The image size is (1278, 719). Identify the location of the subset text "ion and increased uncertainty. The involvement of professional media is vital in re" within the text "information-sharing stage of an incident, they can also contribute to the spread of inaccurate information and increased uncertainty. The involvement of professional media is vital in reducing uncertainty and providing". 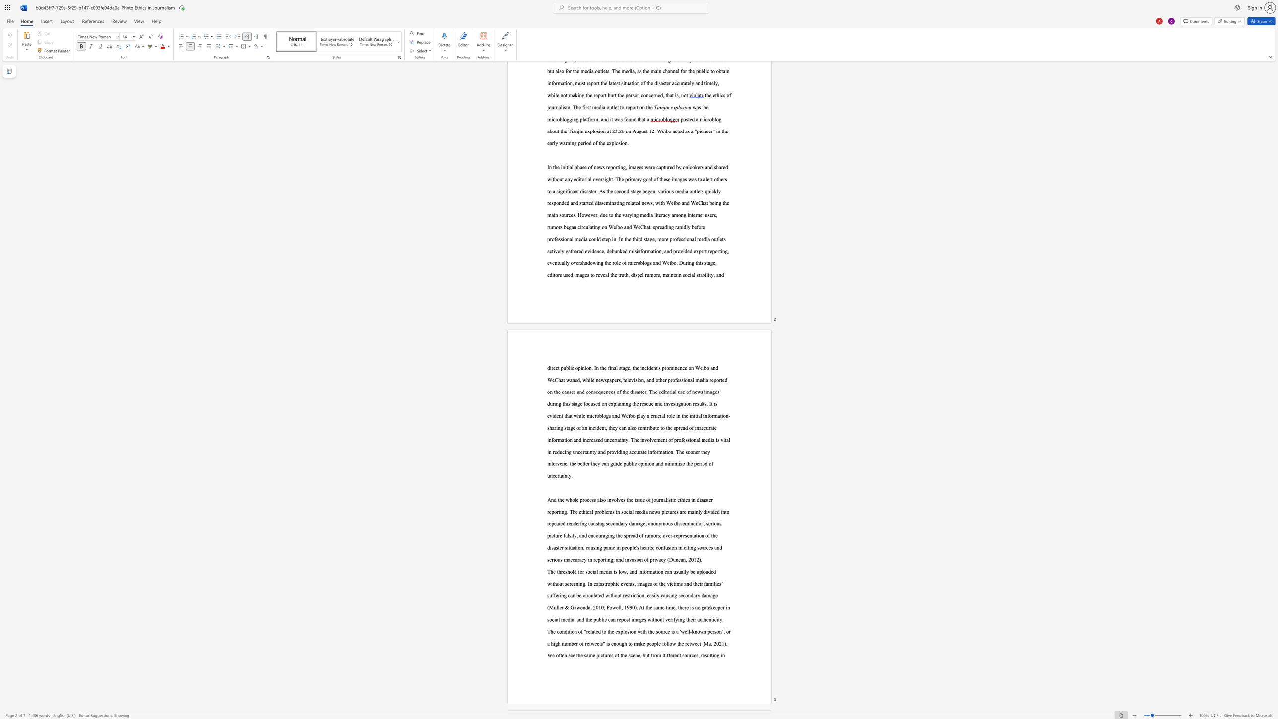
(565, 439).